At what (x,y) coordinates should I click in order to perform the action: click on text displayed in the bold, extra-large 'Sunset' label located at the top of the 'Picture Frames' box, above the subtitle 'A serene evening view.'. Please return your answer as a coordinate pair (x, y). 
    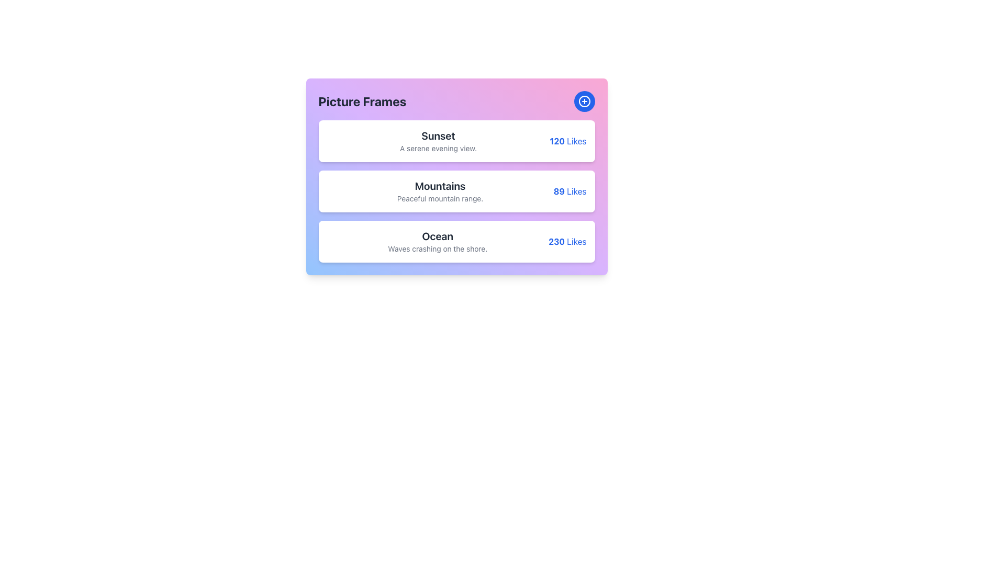
    Looking at the image, I should click on (438, 135).